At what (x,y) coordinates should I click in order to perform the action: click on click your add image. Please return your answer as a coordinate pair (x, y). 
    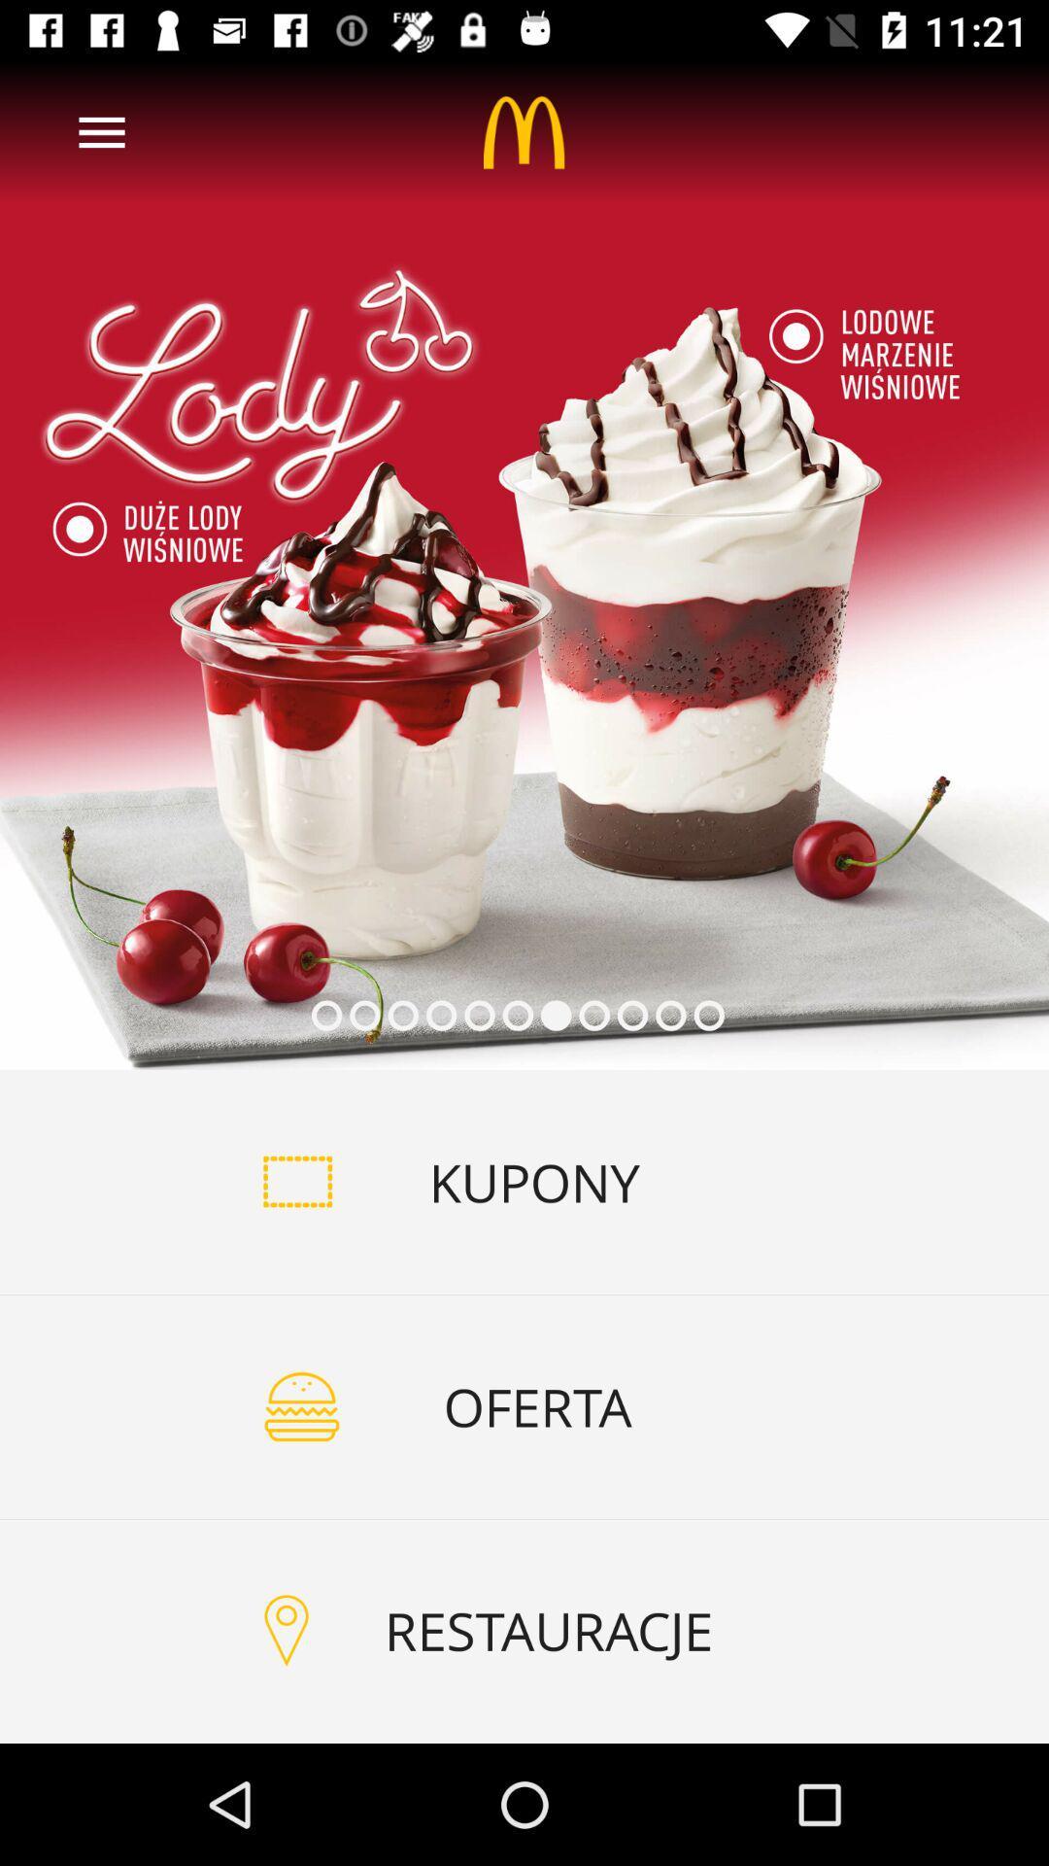
    Looking at the image, I should click on (524, 564).